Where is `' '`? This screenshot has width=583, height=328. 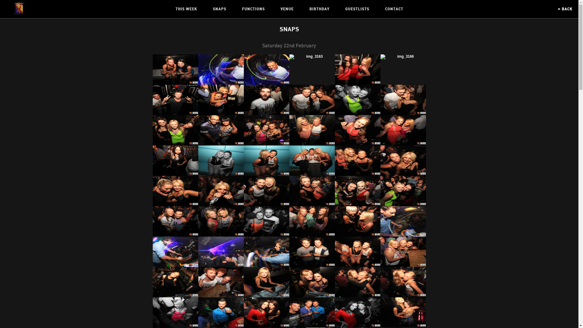 ' ' is located at coordinates (357, 221).